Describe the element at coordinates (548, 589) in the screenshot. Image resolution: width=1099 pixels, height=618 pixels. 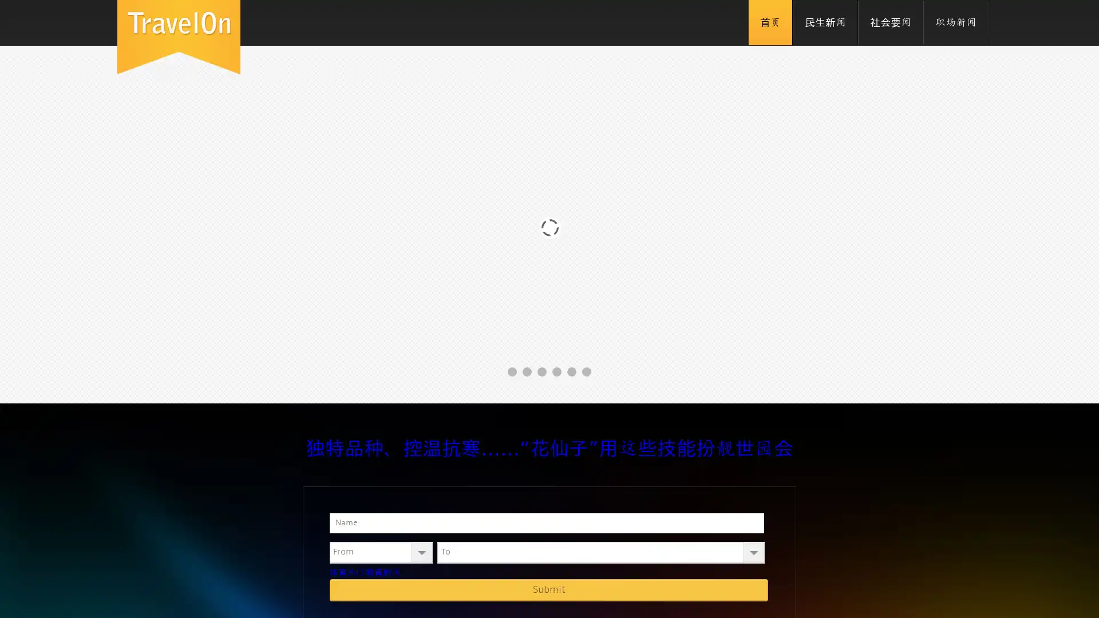
I see `submit` at that location.